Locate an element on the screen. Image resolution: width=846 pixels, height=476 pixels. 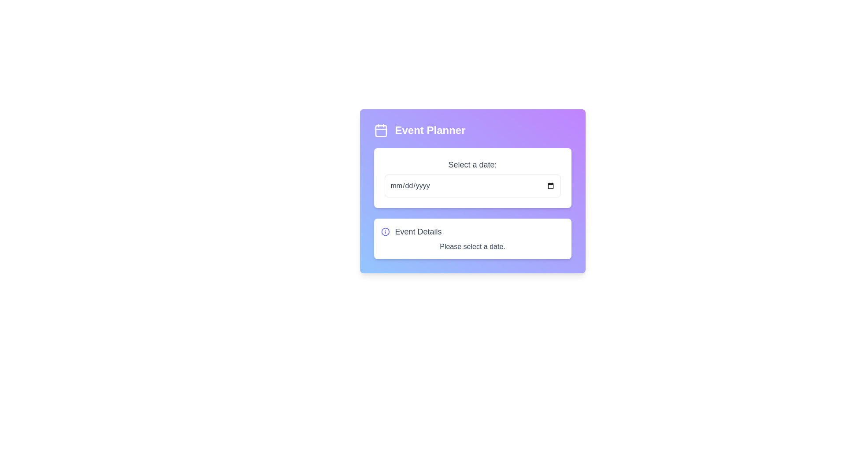
displayed text 'Event Planner' which is styled with a large, bold font and white color, located in the top-left corner of the card UI, to the right of a calendar icon is located at coordinates (430, 130).